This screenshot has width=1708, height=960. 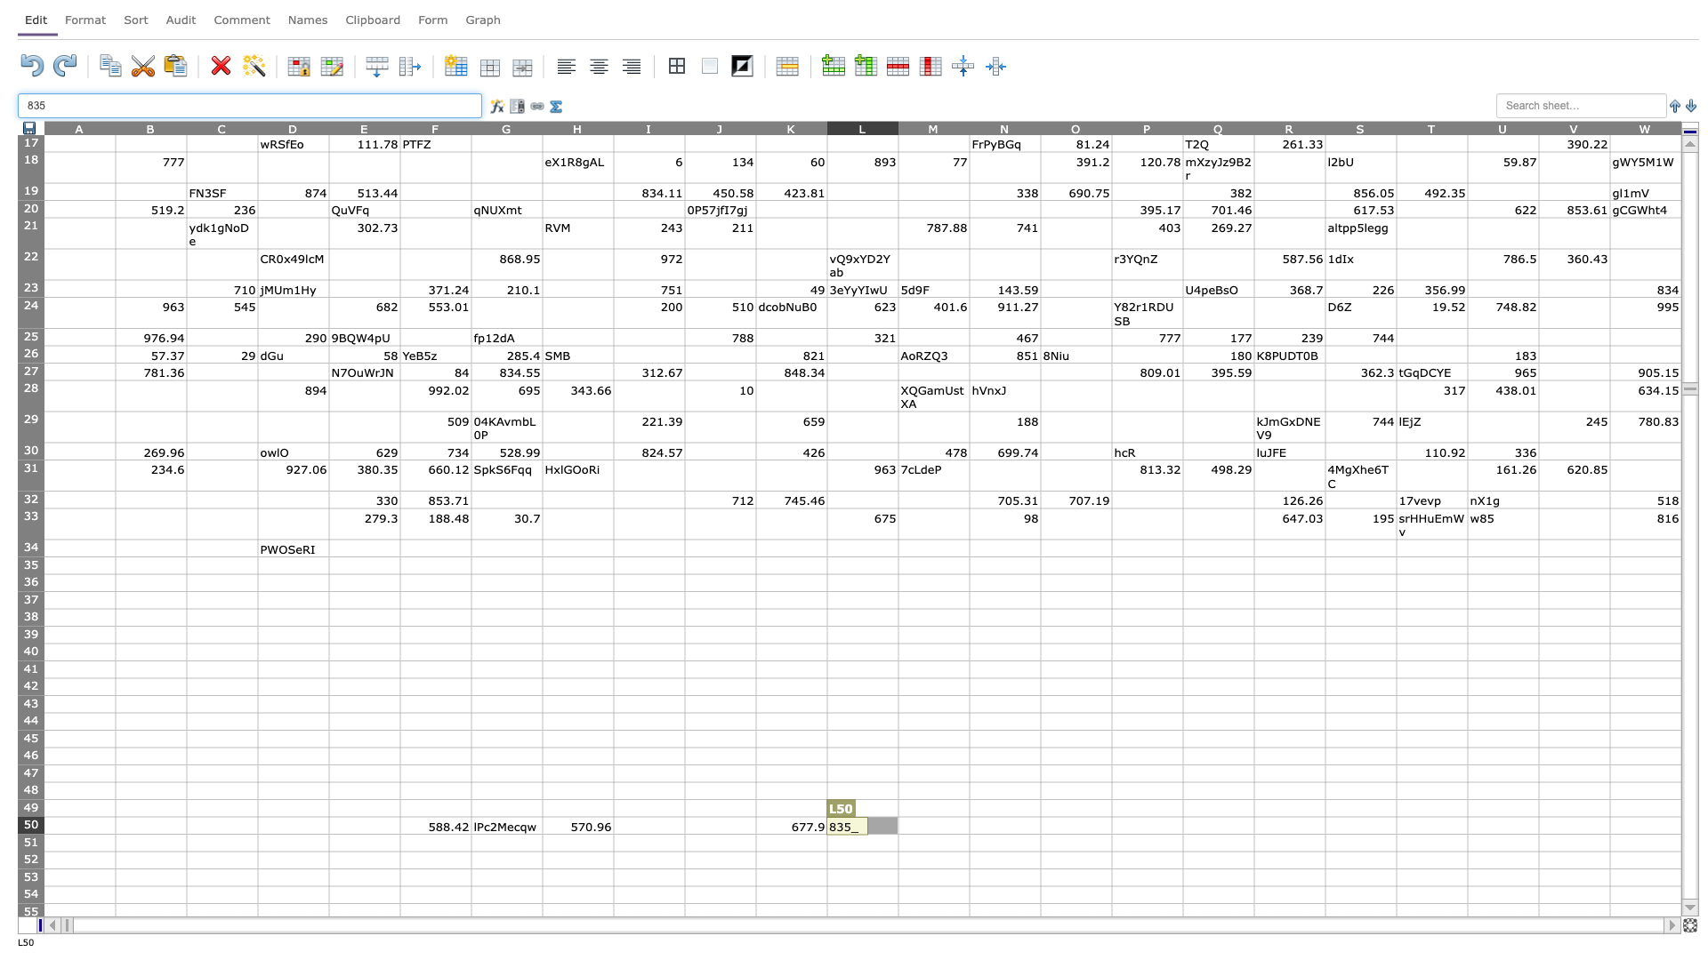 What do you see at coordinates (898, 816) in the screenshot?
I see `Upper left of M50` at bounding box center [898, 816].